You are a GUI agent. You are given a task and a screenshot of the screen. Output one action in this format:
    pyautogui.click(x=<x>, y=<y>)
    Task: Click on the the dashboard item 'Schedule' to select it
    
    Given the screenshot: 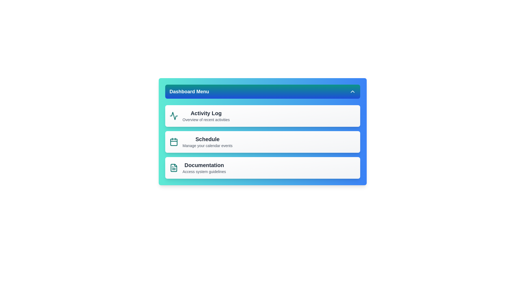 What is the action you would take?
    pyautogui.click(x=262, y=141)
    